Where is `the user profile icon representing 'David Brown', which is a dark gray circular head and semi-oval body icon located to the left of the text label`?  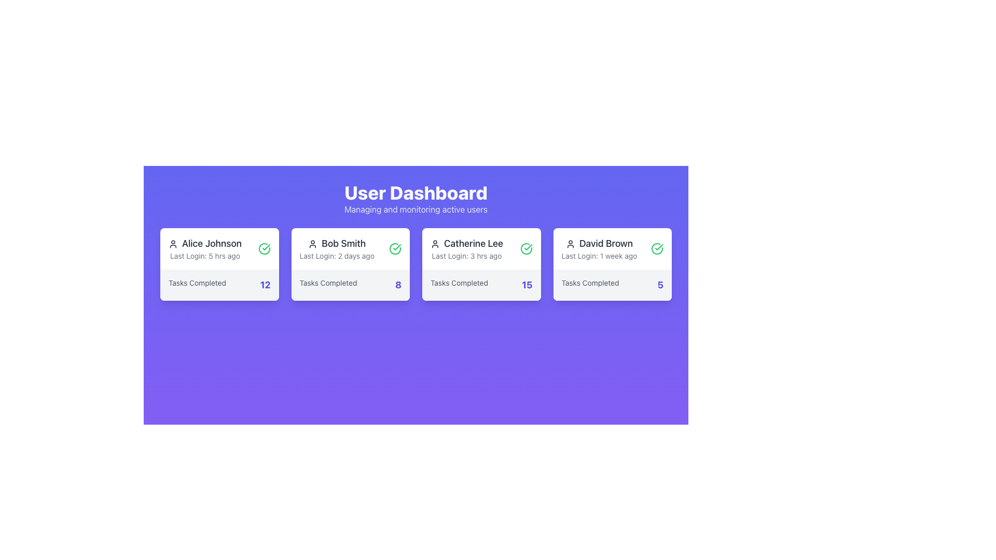
the user profile icon representing 'David Brown', which is a dark gray circular head and semi-oval body icon located to the left of the text label is located at coordinates (570, 244).